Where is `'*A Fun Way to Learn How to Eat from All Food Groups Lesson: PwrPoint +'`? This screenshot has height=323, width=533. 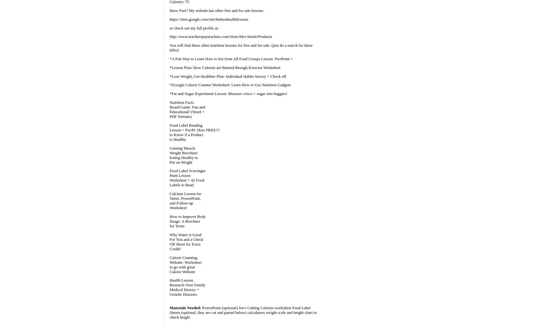 '*A Fun Way to Learn How to Eat from All Food Groups Lesson: PwrPoint +' is located at coordinates (169, 59).